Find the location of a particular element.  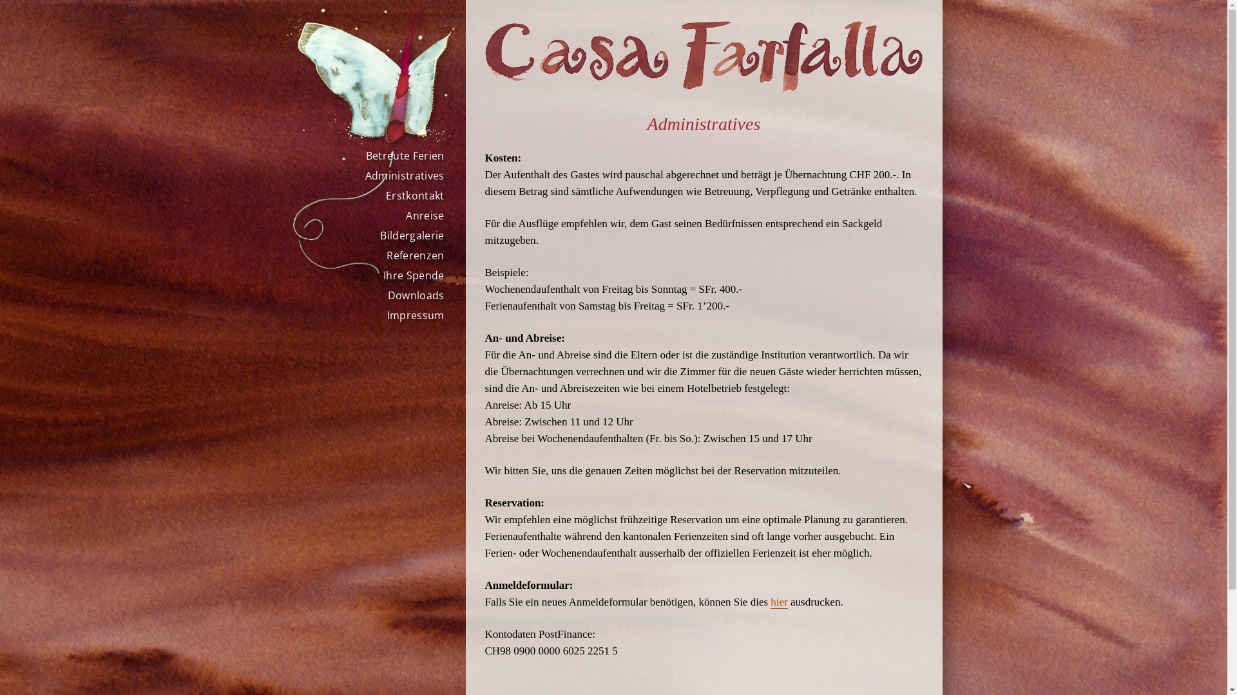

'Erstkontakt' is located at coordinates (415, 196).